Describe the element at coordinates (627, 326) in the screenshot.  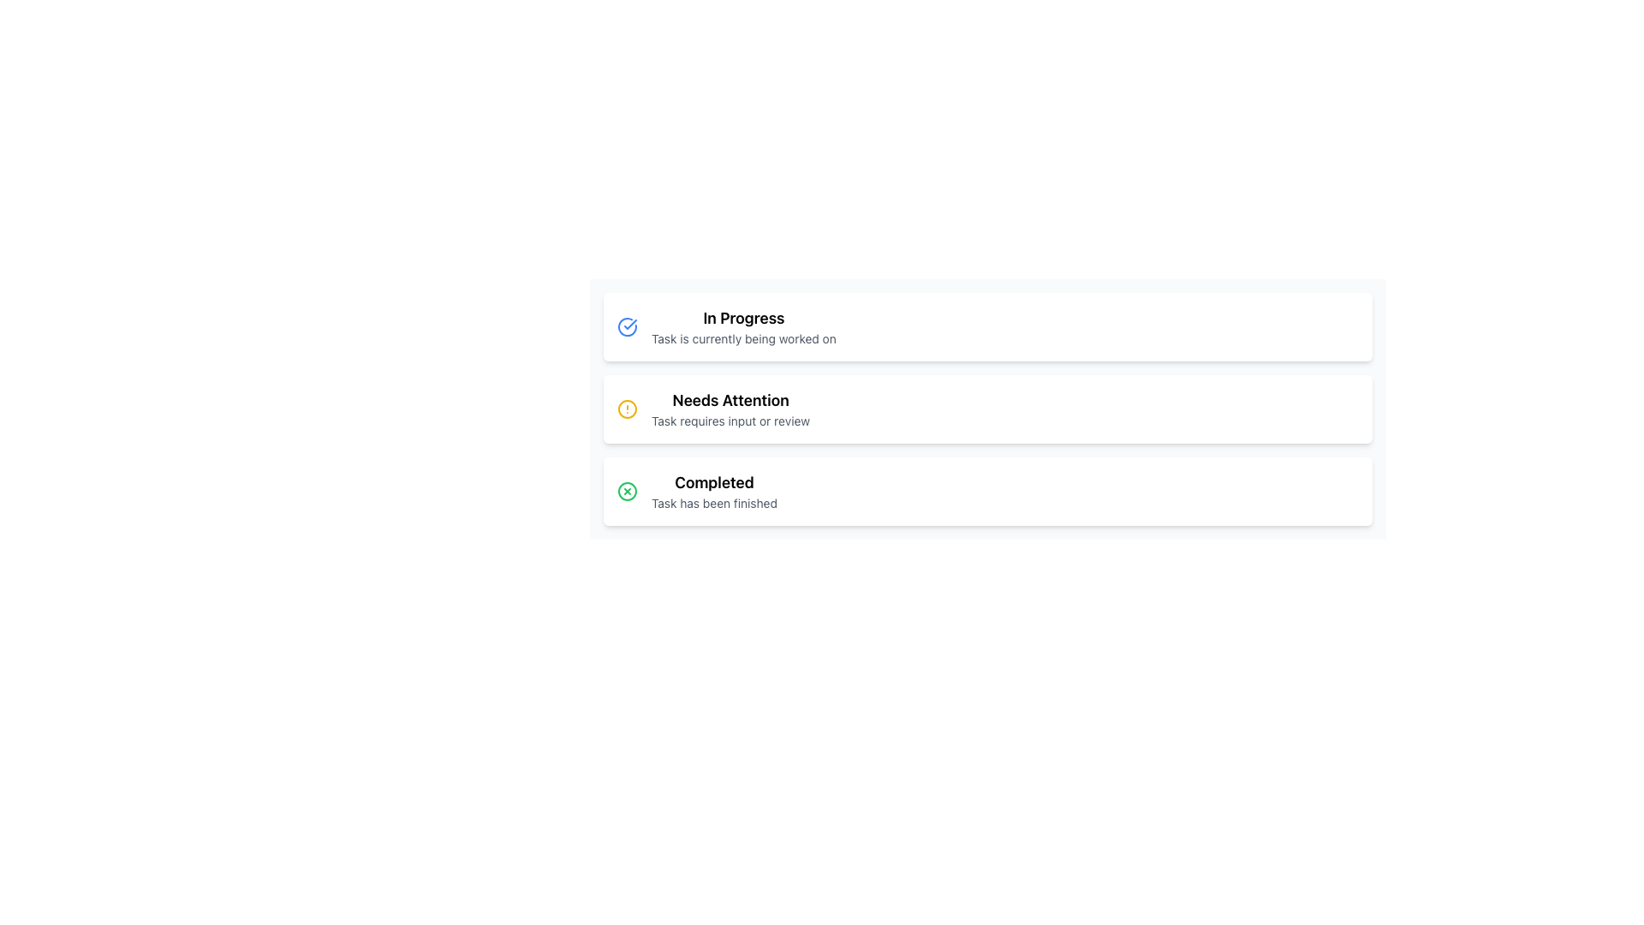
I see `the 'In Progress' status icon, which is the leftmost graphical element in the group labeled 'In Progress', located near the top of a list of status items` at that location.